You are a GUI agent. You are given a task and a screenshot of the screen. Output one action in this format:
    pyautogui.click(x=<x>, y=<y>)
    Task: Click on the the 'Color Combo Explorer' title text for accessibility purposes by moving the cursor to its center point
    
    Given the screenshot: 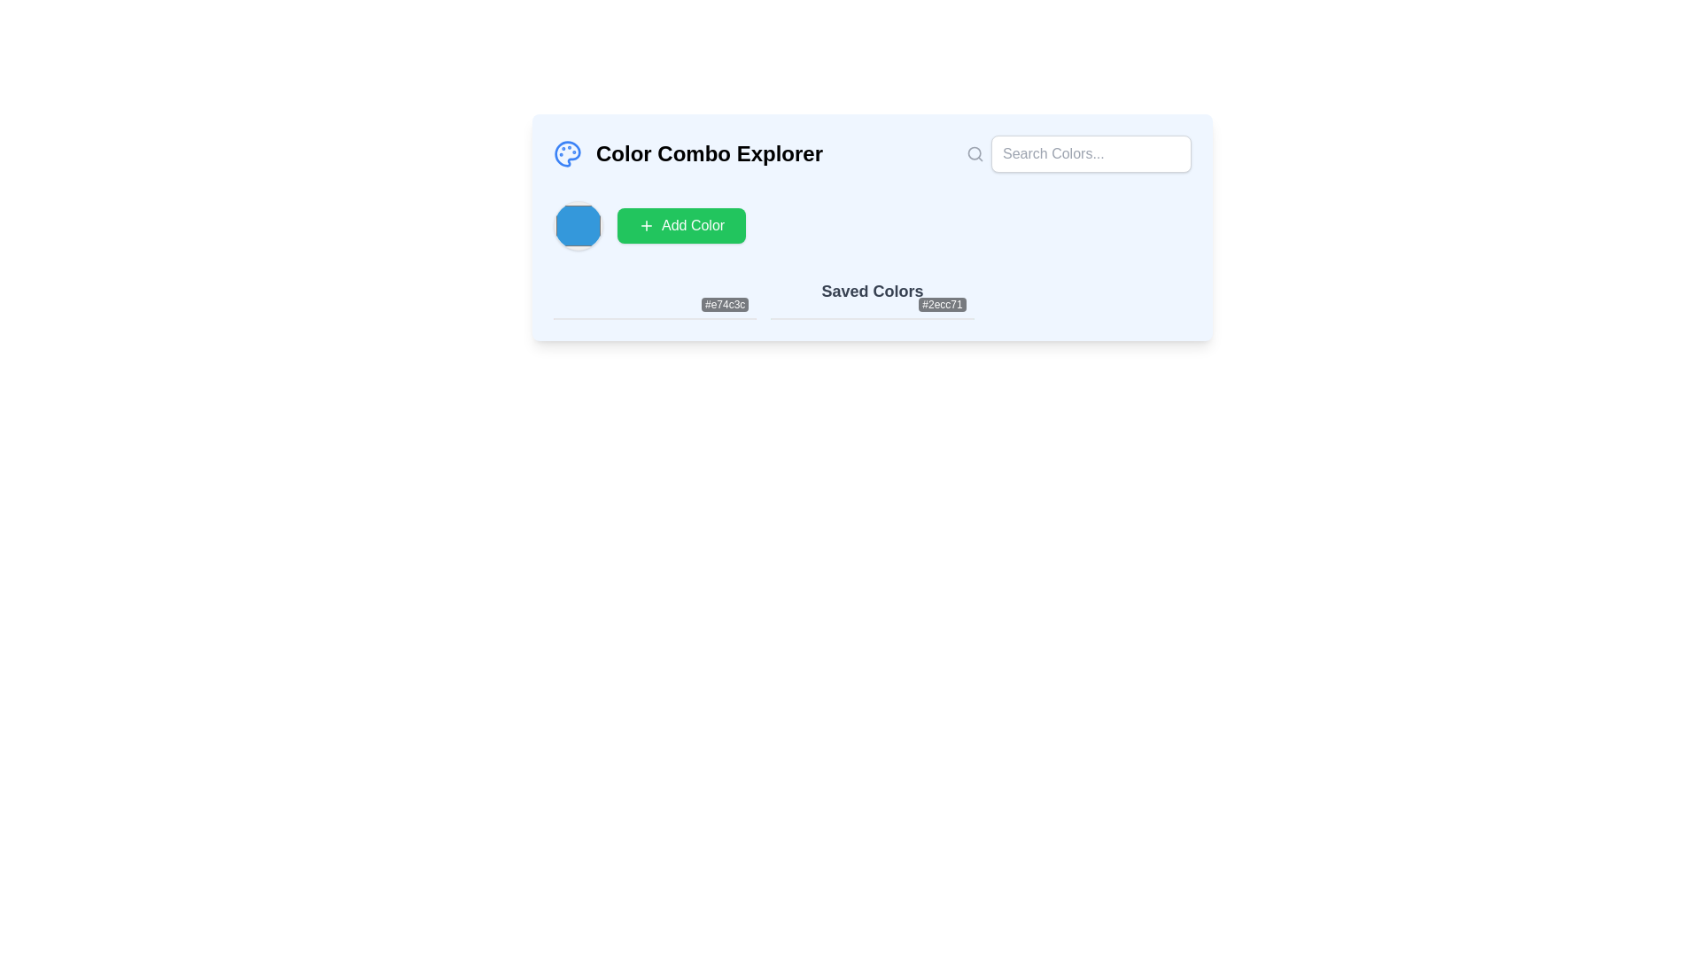 What is the action you would take?
    pyautogui.click(x=710, y=152)
    